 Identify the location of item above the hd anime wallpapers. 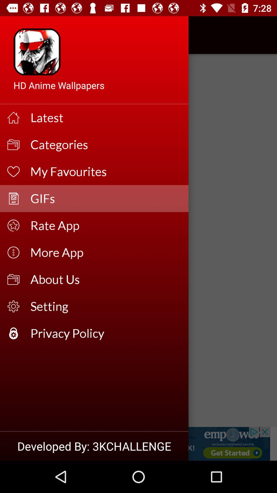
(18, 35).